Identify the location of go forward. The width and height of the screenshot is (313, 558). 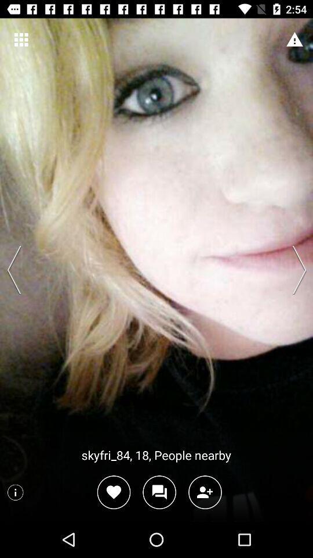
(296, 270).